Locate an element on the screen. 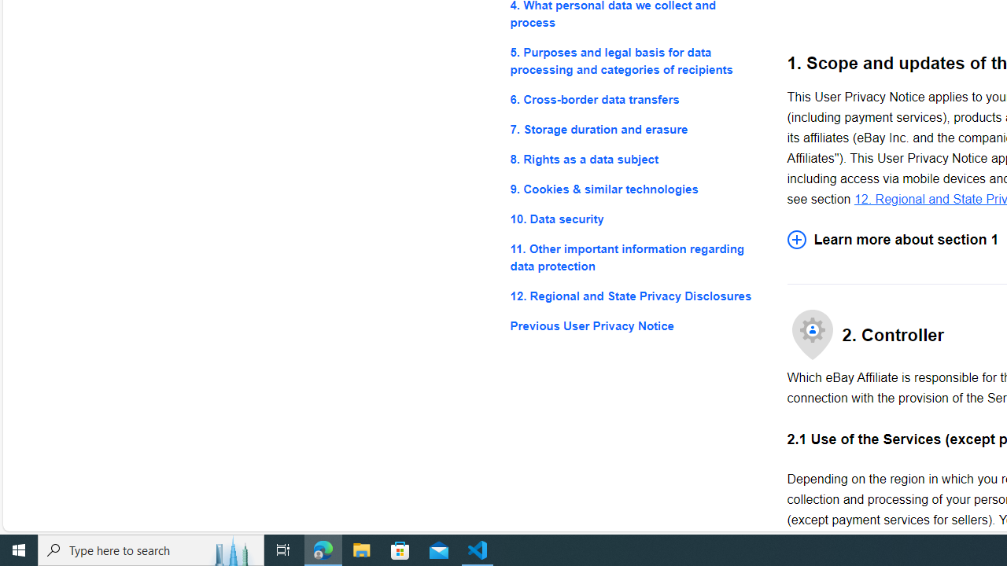  'Previous User Privacy Notice' is located at coordinates (636, 325).